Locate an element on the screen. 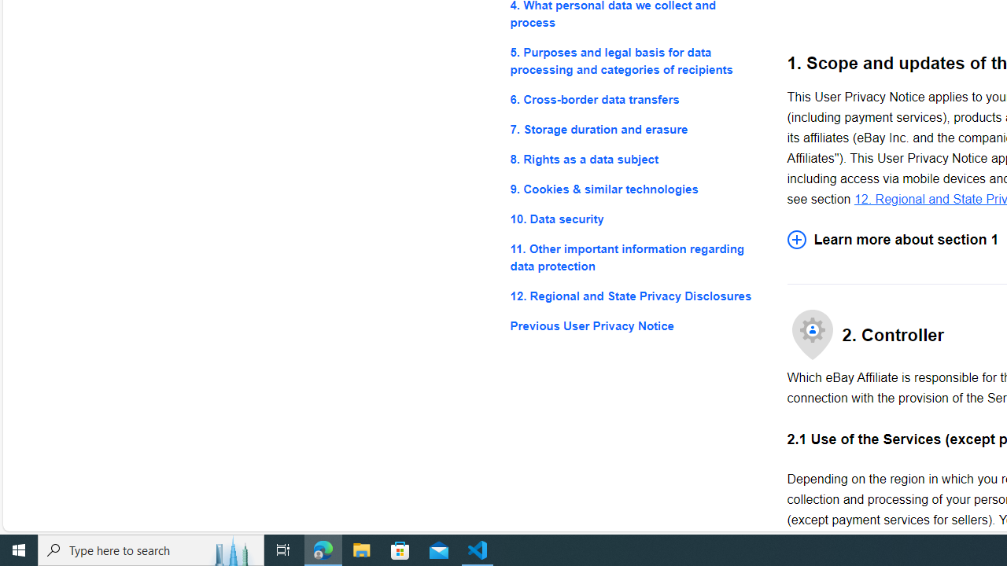  'Previous User Privacy Notice' is located at coordinates (636, 325).